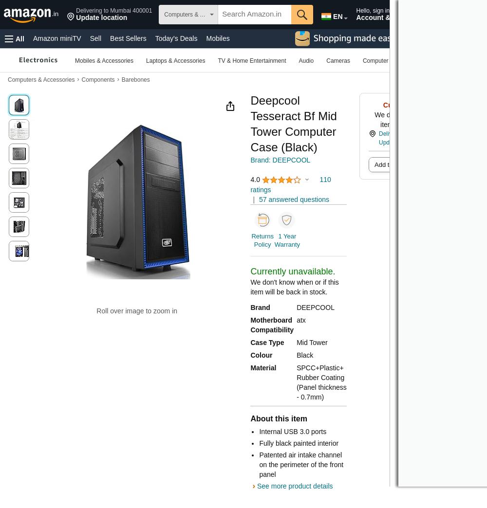  I want to click on 'Account & Lists', so click(382, 17).